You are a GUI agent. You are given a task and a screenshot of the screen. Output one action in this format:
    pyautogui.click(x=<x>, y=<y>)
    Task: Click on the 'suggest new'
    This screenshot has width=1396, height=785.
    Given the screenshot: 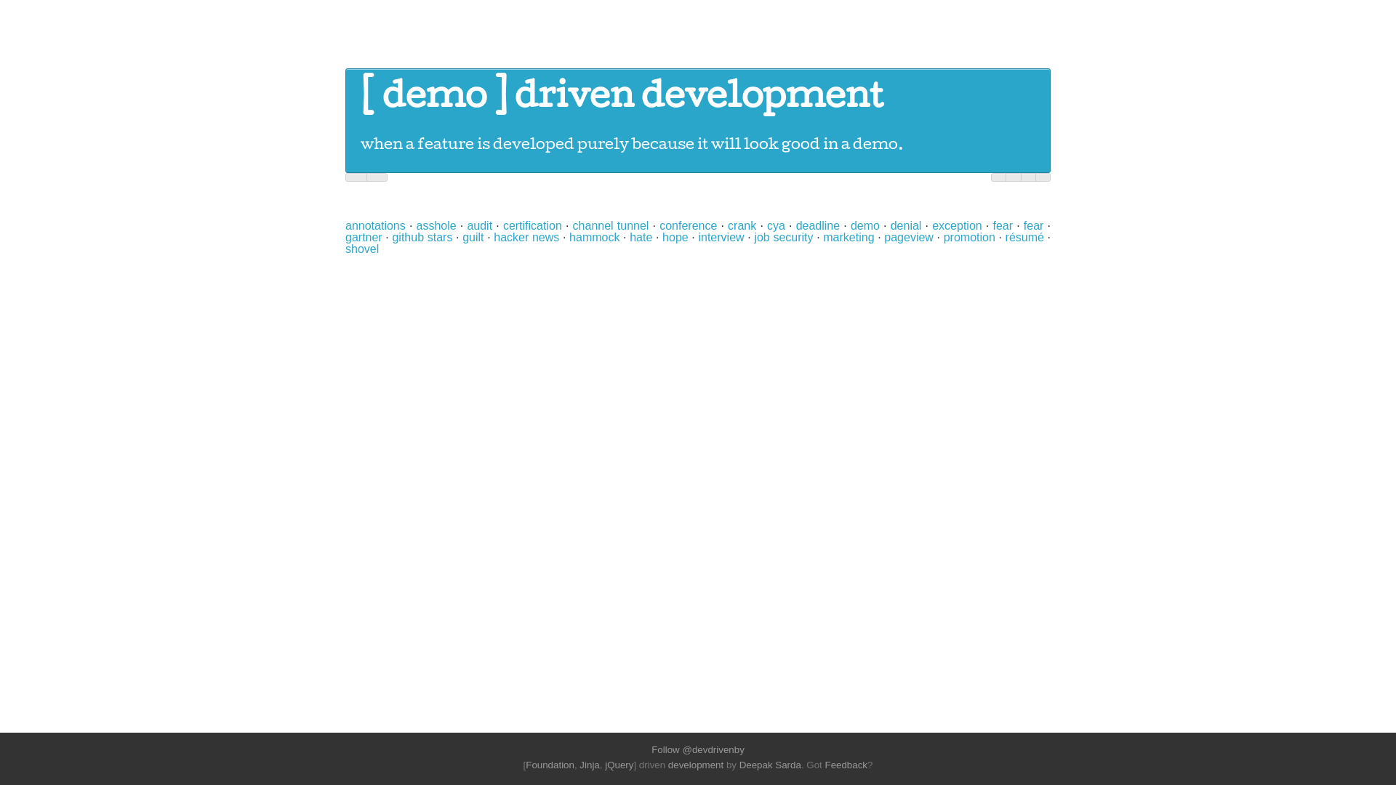 What is the action you would take?
    pyautogui.click(x=1042, y=176)
    